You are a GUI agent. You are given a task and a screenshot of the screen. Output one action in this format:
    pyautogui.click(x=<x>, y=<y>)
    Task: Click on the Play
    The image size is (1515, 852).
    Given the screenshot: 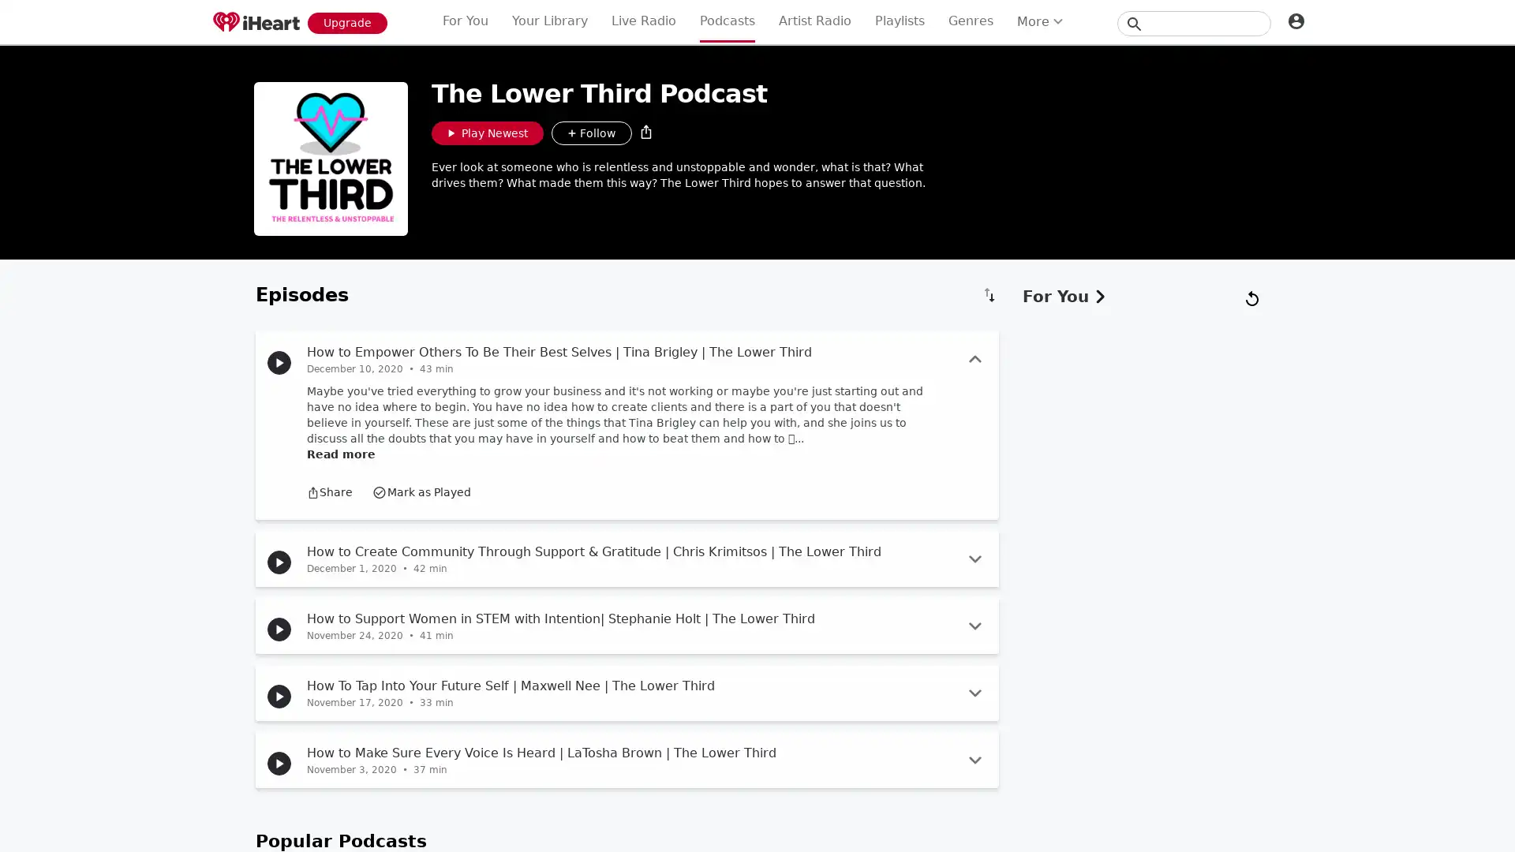 What is the action you would take?
    pyautogui.click(x=279, y=629)
    